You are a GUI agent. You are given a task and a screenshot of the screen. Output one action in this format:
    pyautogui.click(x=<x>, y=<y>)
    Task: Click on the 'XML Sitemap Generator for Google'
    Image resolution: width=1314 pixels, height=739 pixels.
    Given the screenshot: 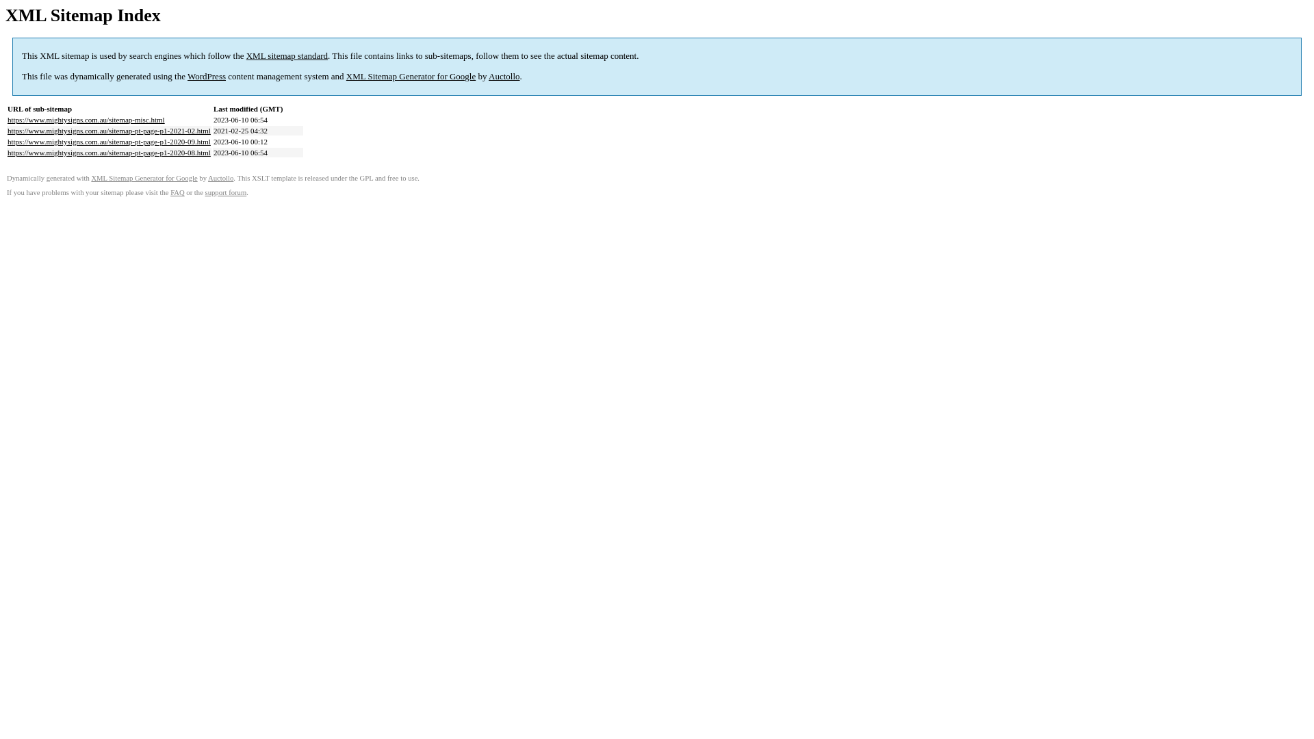 What is the action you would take?
    pyautogui.click(x=144, y=177)
    